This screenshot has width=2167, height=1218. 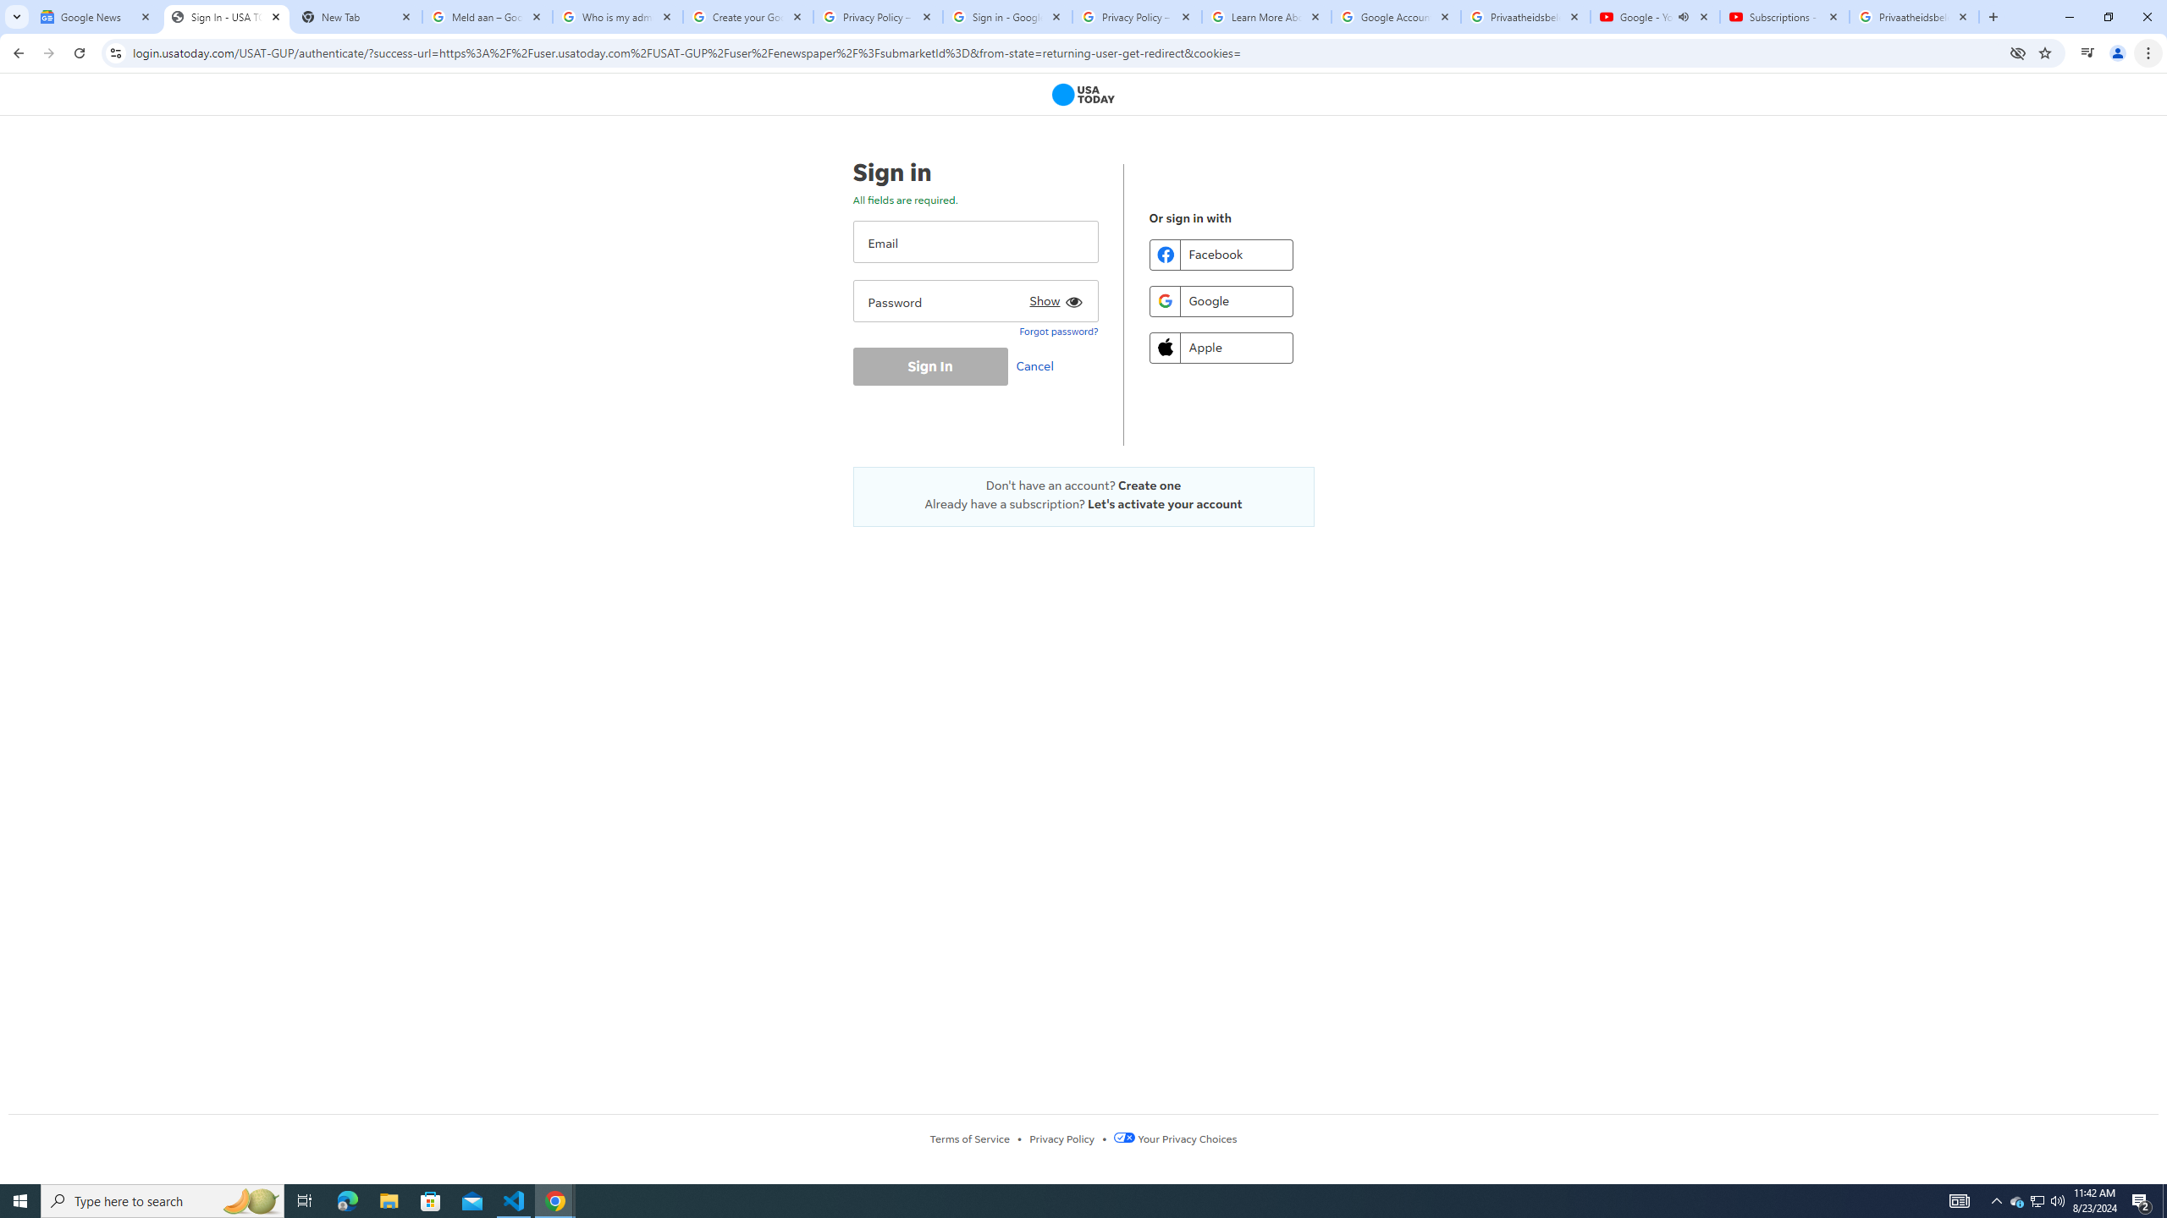 I want to click on 'Chrome', so click(x=2149, y=52).